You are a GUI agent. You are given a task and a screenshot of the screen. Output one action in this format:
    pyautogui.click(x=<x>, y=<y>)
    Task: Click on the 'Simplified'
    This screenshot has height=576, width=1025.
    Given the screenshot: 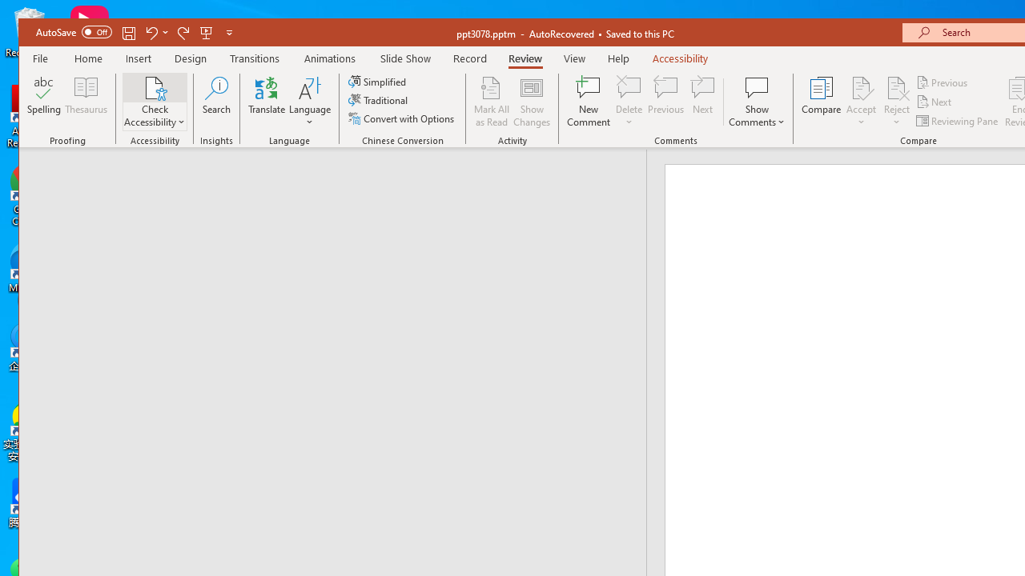 What is the action you would take?
    pyautogui.click(x=378, y=82)
    